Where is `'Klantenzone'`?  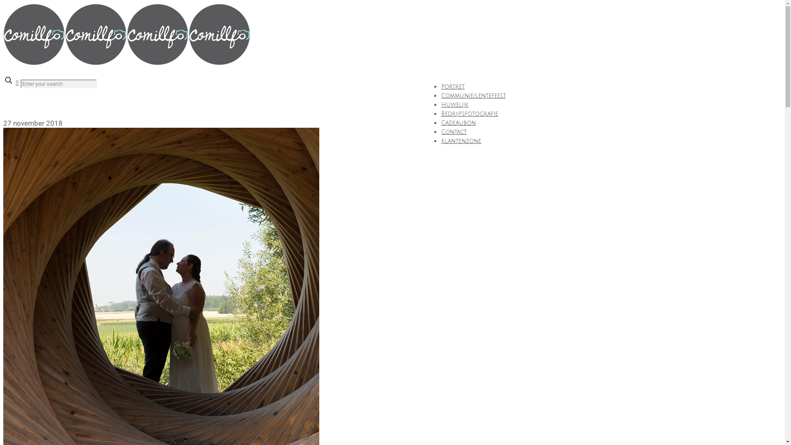
'Klantenzone' is located at coordinates (440, 141).